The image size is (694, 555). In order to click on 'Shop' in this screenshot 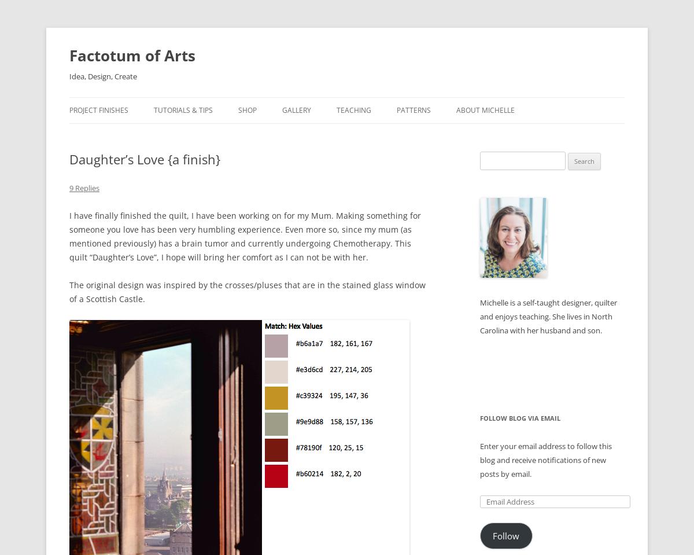, I will do `click(238, 109)`.